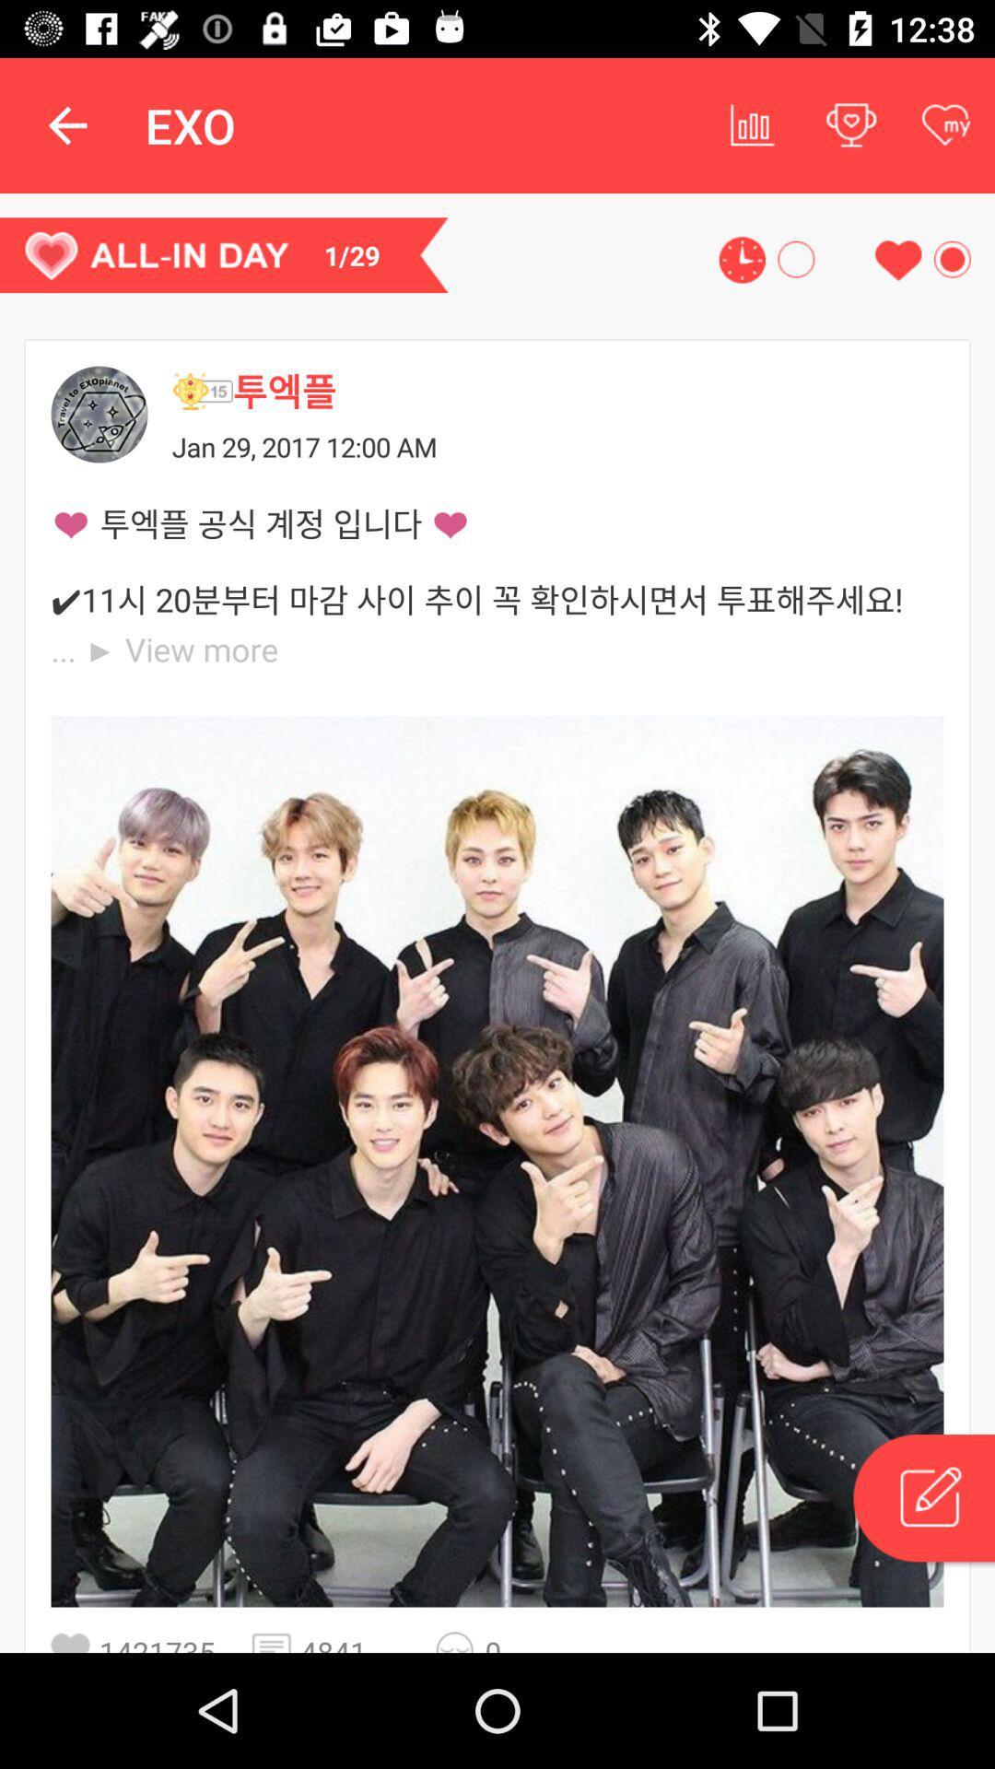 This screenshot has height=1769, width=995. I want to click on the item next to the 1421735, so click(276, 1642).